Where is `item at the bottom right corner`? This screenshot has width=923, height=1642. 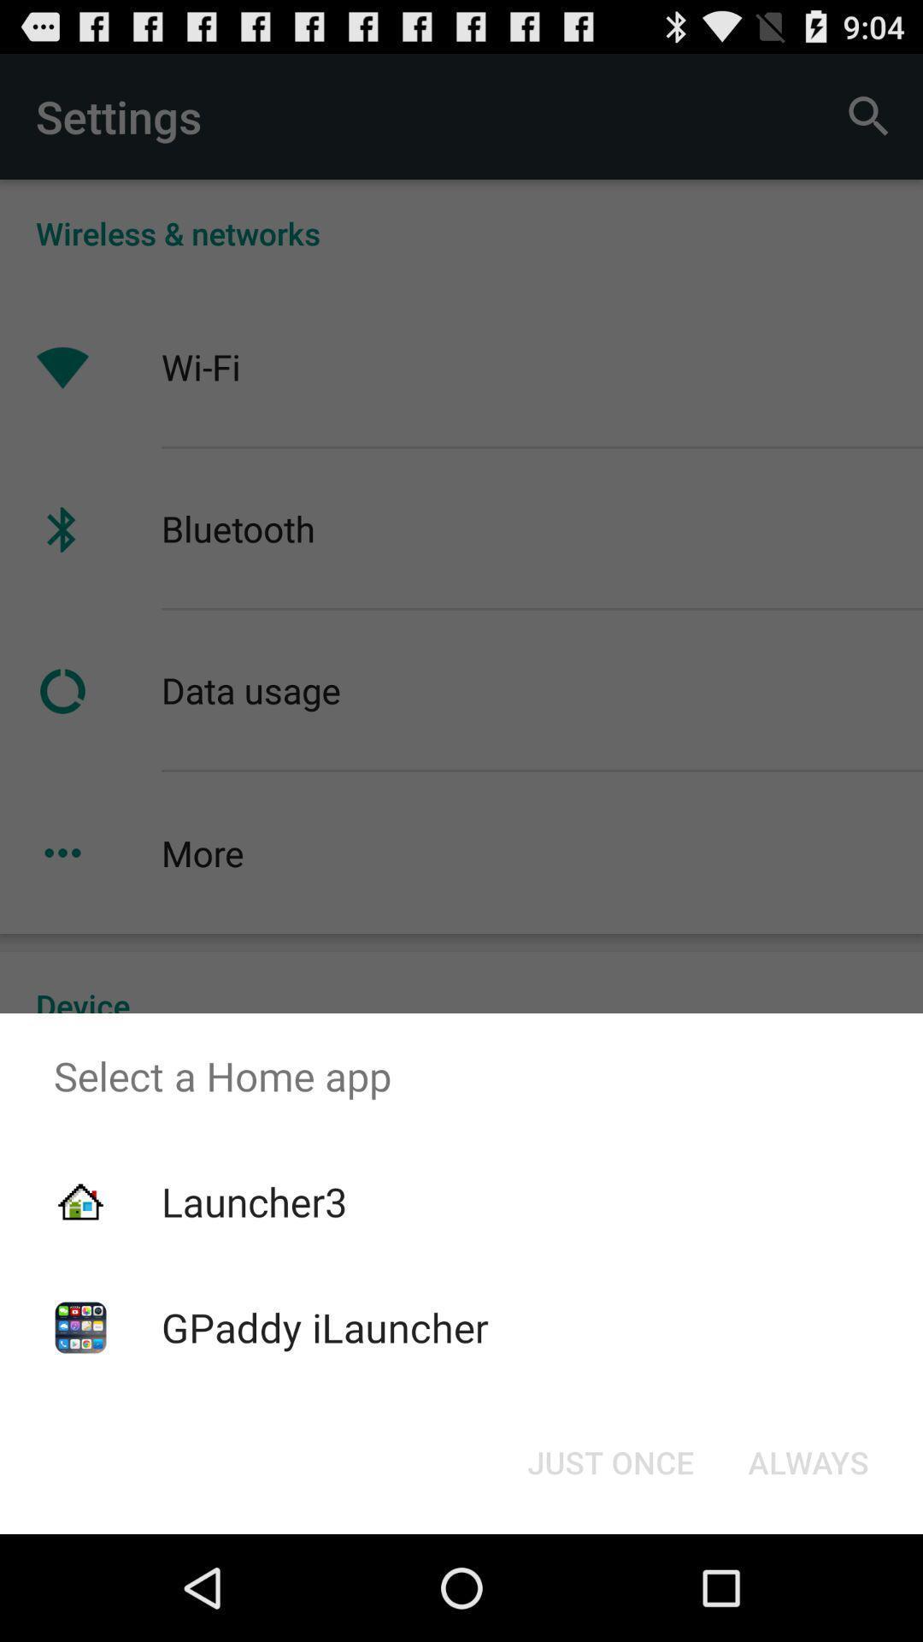 item at the bottom right corner is located at coordinates (808, 1461).